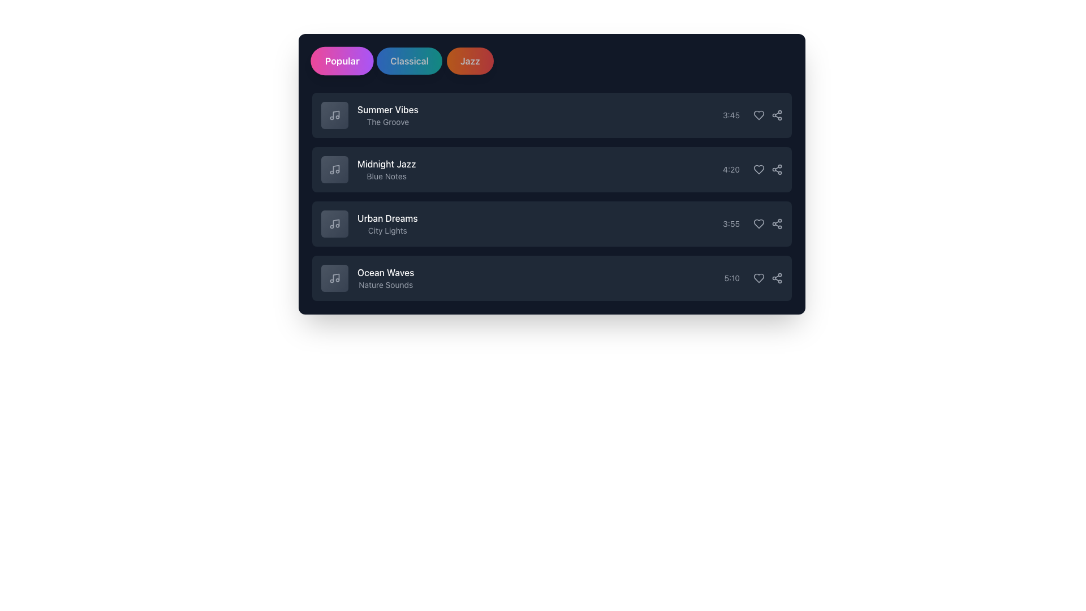 The image size is (1086, 611). Describe the element at coordinates (386, 170) in the screenshot. I see `the 'Midnight Jazz' and 'Blue Notes' text-label group` at that location.